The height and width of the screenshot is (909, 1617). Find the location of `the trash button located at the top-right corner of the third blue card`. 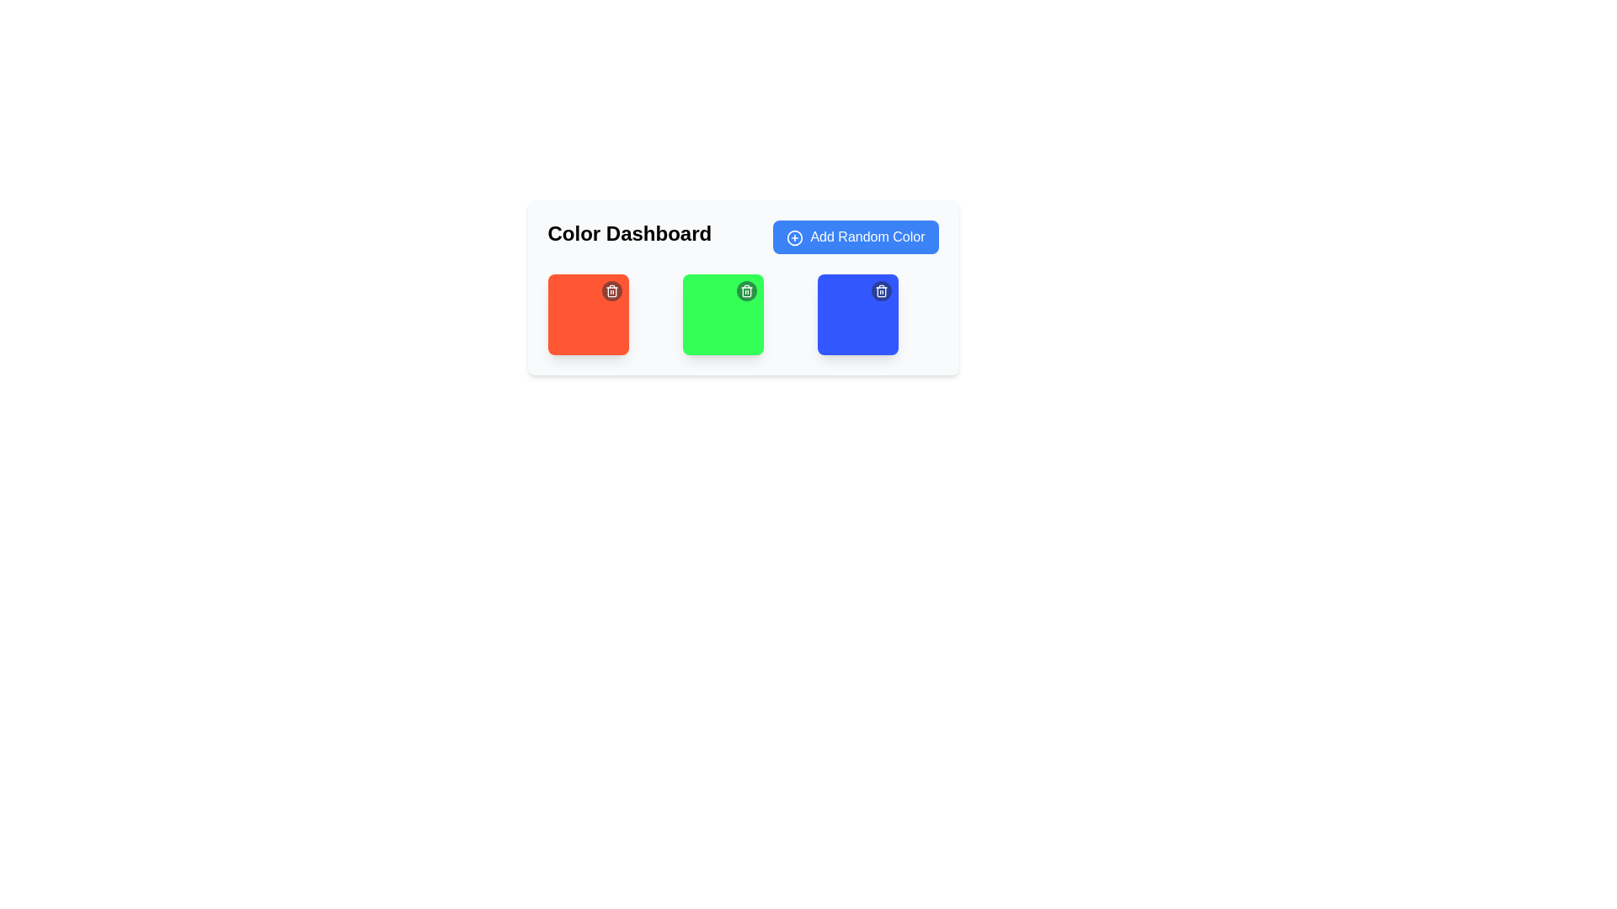

the trash button located at the top-right corner of the third blue card is located at coordinates (880, 290).